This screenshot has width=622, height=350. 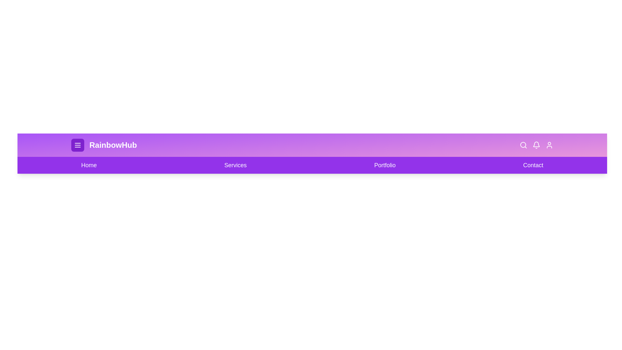 I want to click on the navigation link labeled 'Contact' to navigate to the corresponding section, so click(x=533, y=165).